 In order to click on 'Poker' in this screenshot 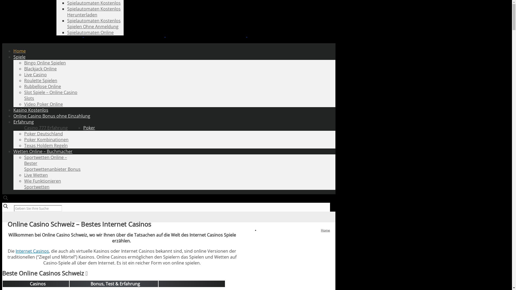, I will do `click(89, 128)`.